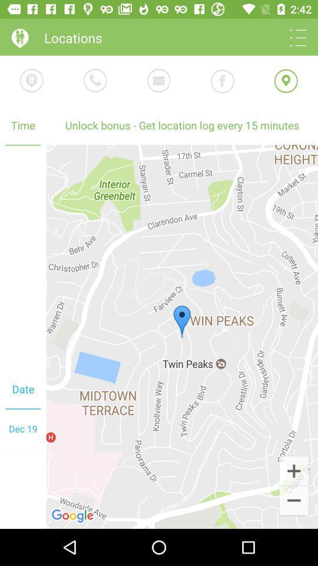  What do you see at coordinates (23, 258) in the screenshot?
I see `the icon above the date app` at bounding box center [23, 258].